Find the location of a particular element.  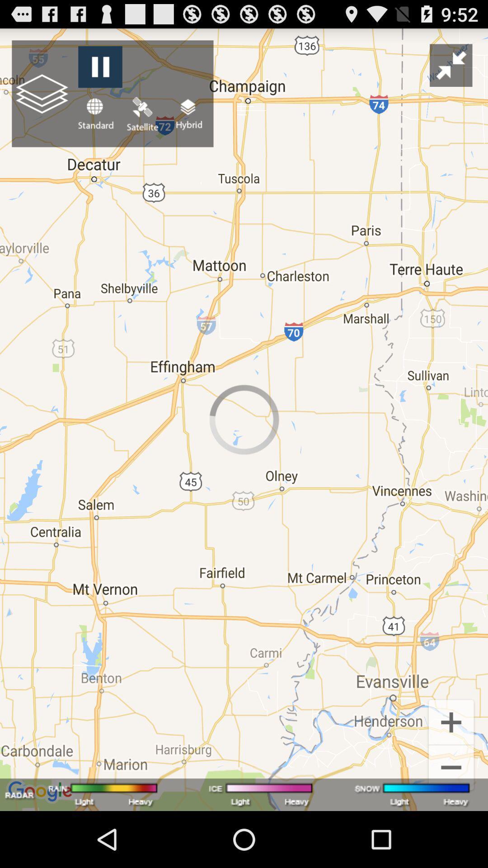

the fullscreen icon is located at coordinates (451, 69).